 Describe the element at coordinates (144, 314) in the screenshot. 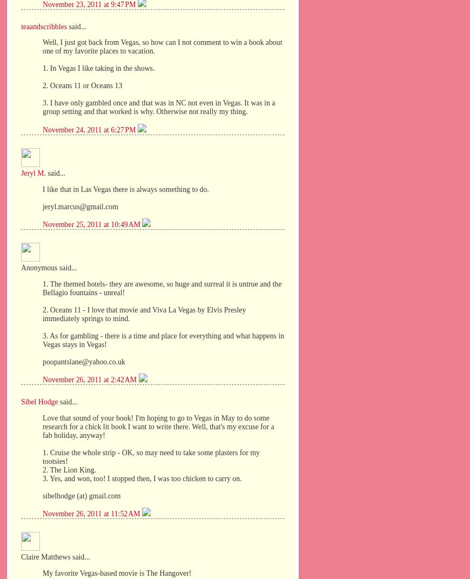

I see `'2. Oceans 11 - I love that movie and Viva La Vegas by Elvis Presley immediately springs to mind.'` at that location.